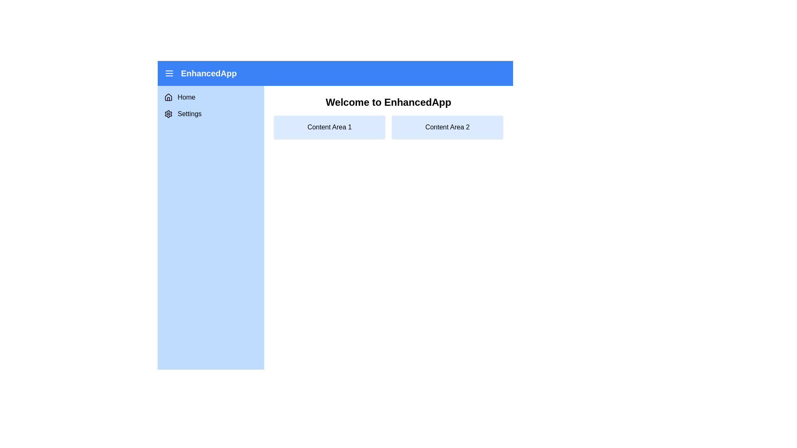  Describe the element at coordinates (186, 97) in the screenshot. I see `'Home' text label element located in the vertical navigation menu on the left side of the interface, positioned below the application header and adjacent to a house-shaped icon` at that location.